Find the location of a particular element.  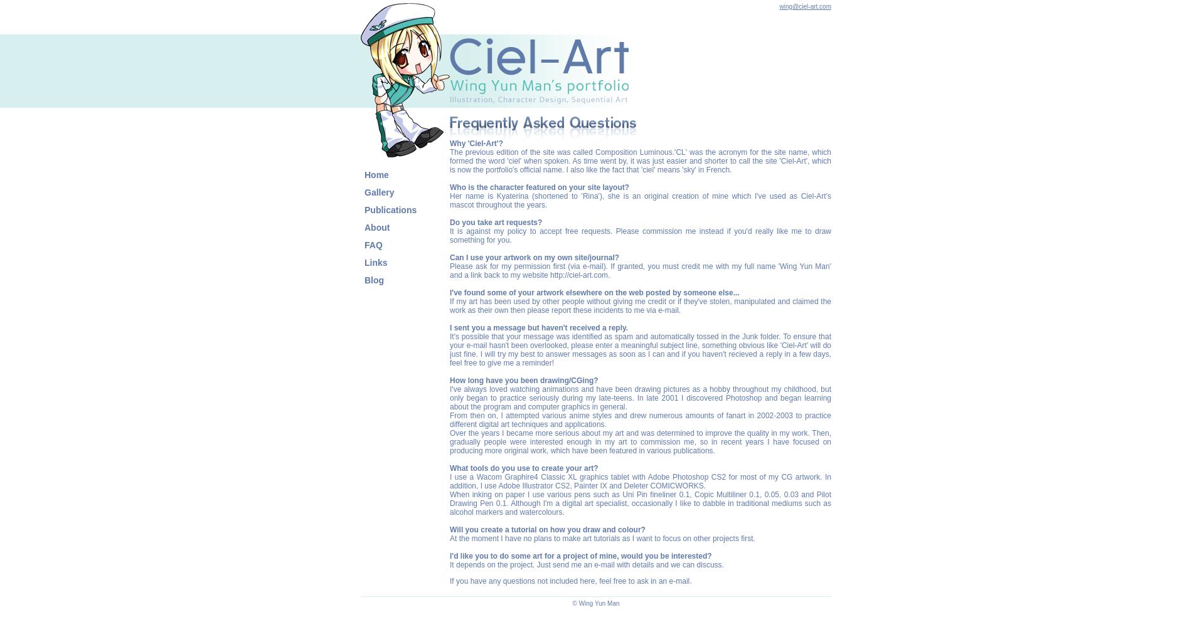

'wing@ciel-art.com' is located at coordinates (804, 6).